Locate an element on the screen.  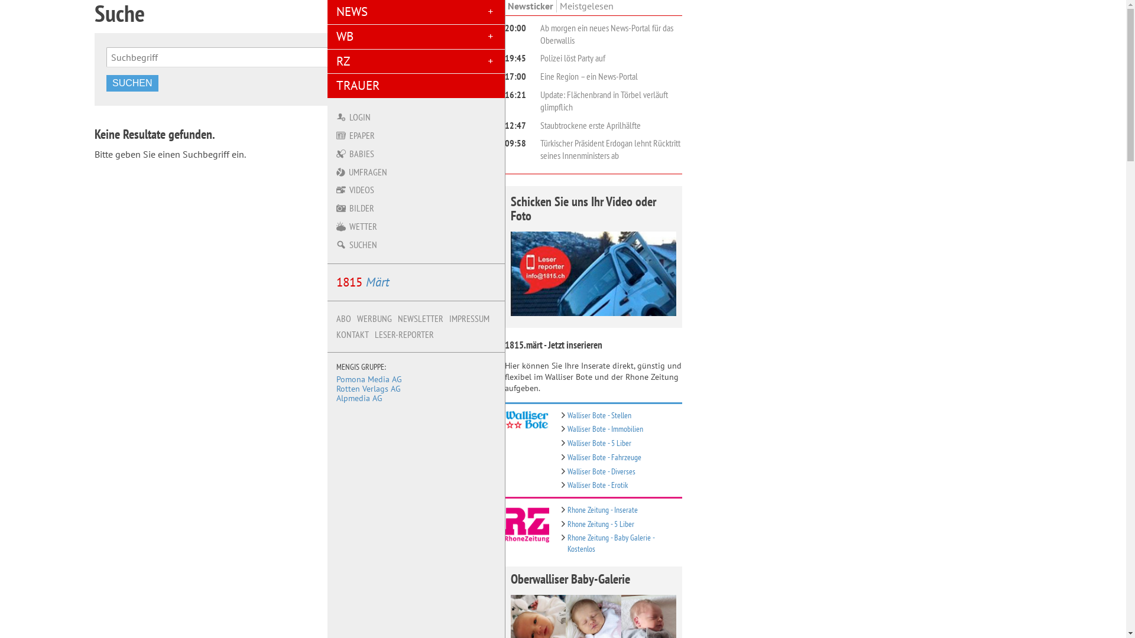
'Rotten Verlags AG' is located at coordinates (336, 389).